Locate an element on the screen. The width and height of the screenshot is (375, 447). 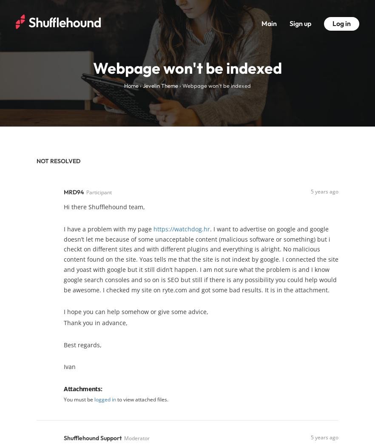
'Best regards,' is located at coordinates (82, 344).